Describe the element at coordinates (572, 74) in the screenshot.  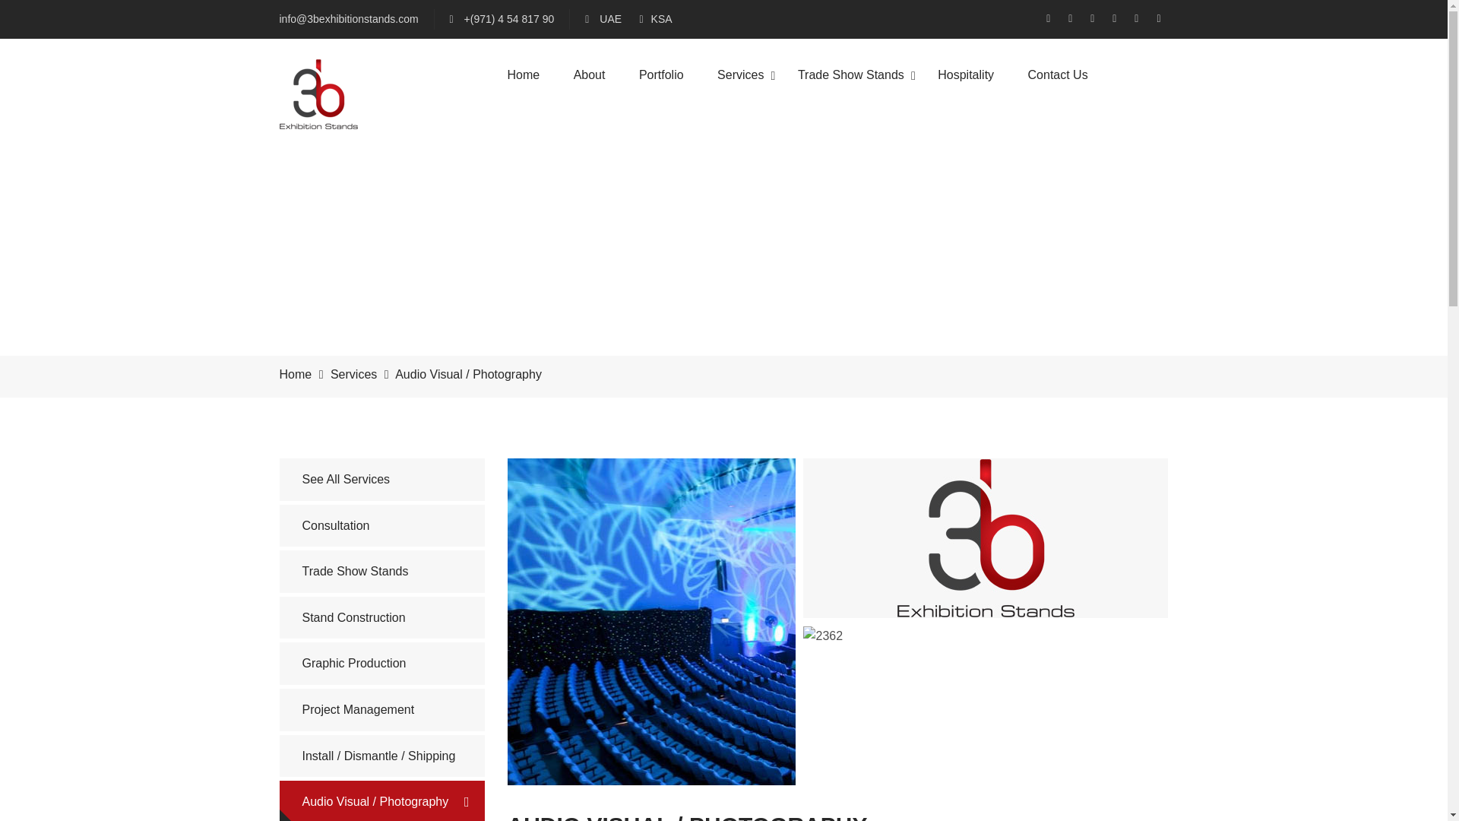
I see `'About'` at that location.